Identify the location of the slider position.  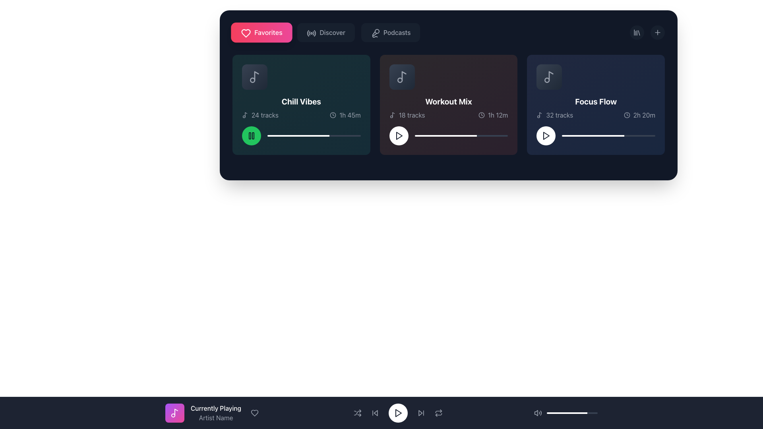
(652, 135).